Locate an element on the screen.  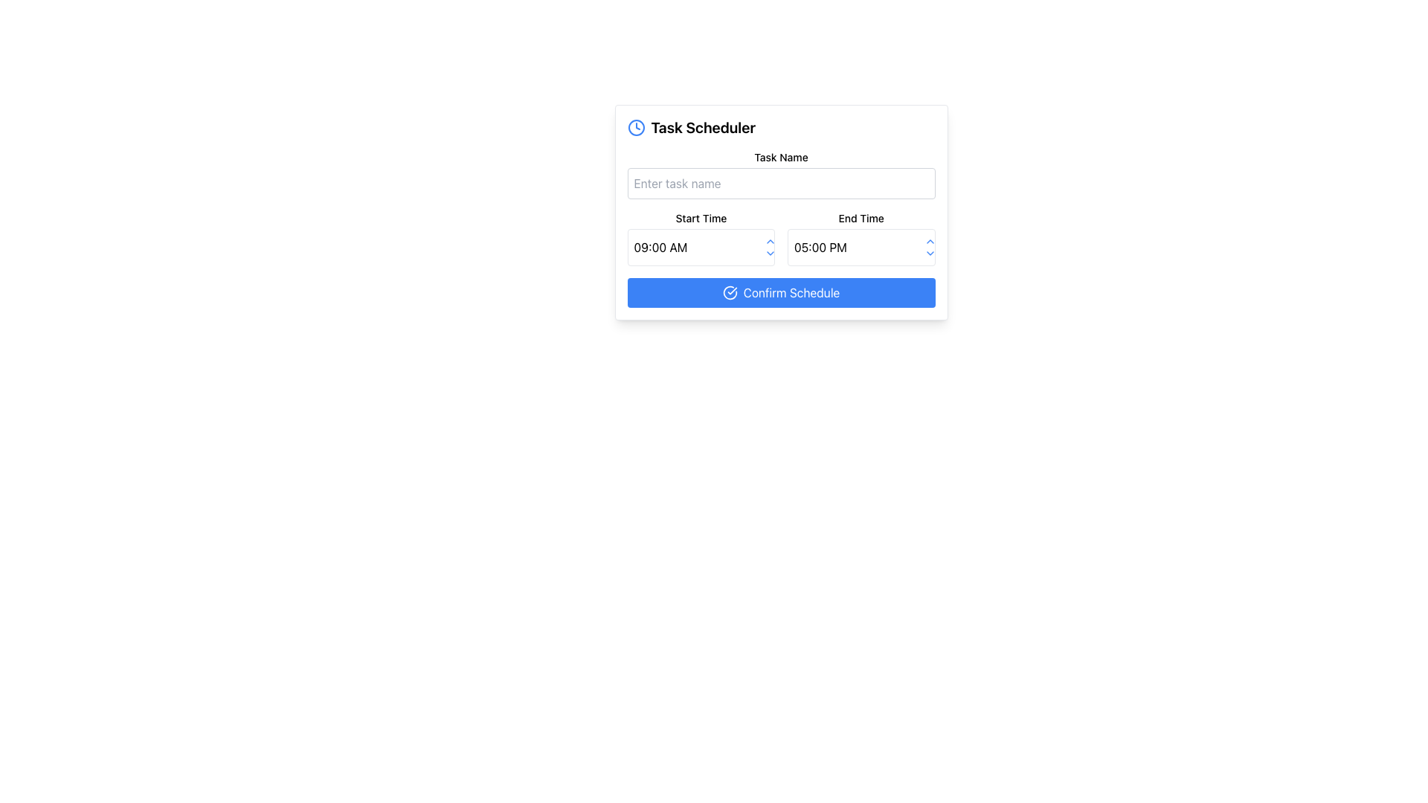
the arrow icons on the time picker located in the 'End Time' field of the 'Task Scheduler' form to increment or decrement the time is located at coordinates (861, 246).